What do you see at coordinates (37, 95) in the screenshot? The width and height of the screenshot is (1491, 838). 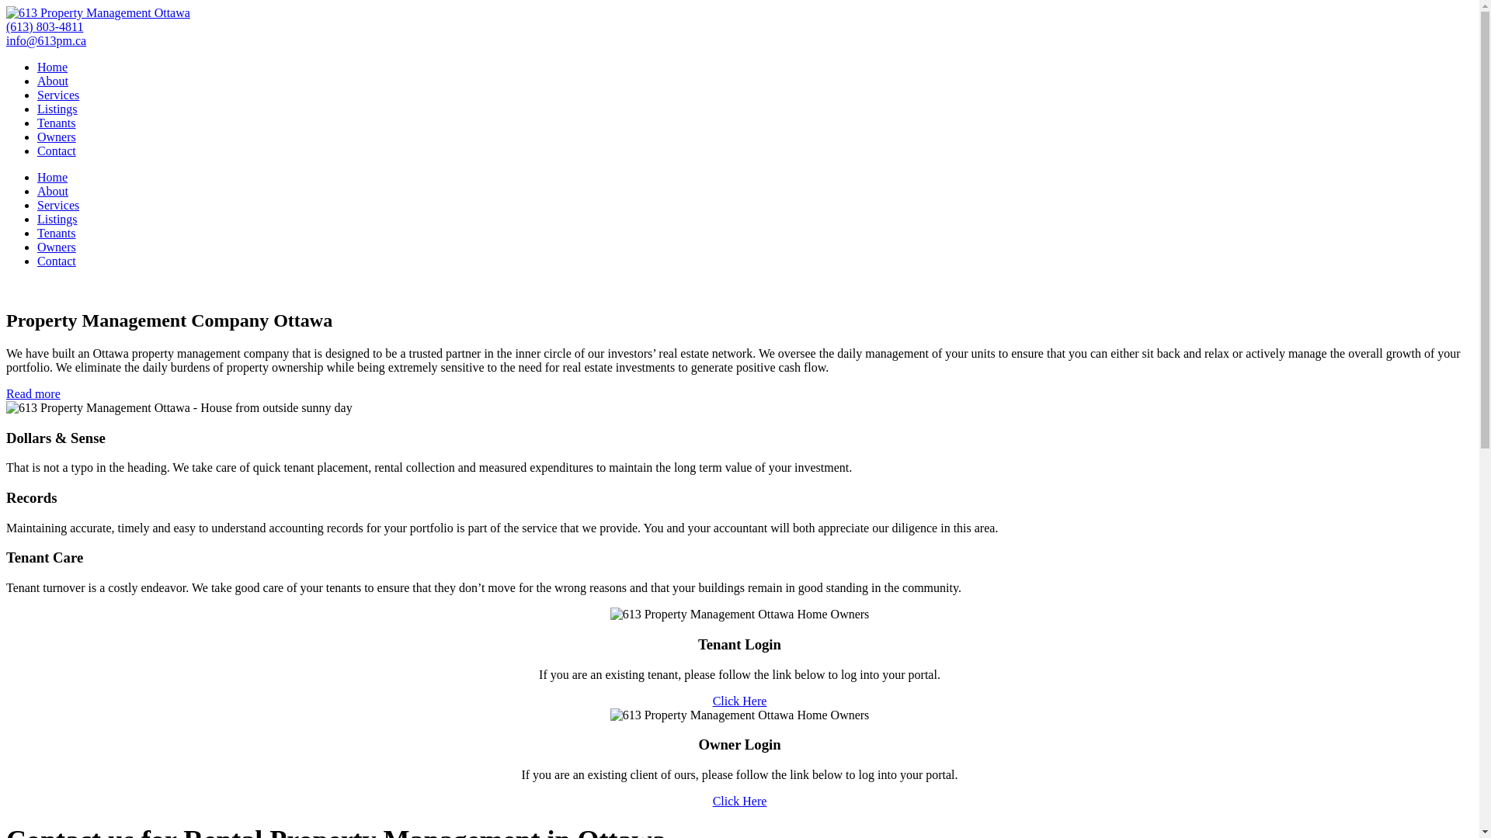 I see `'Services'` at bounding box center [37, 95].